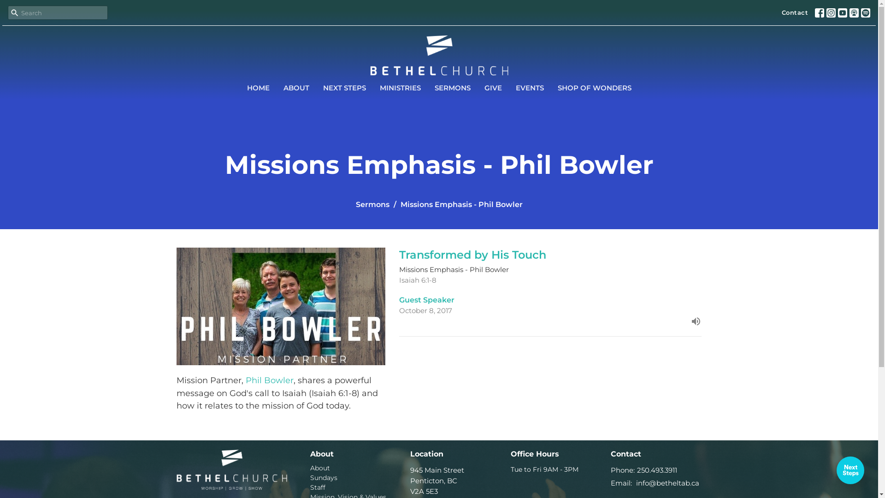 This screenshot has height=498, width=885. What do you see at coordinates (400, 88) in the screenshot?
I see `'MINISTRIES'` at bounding box center [400, 88].